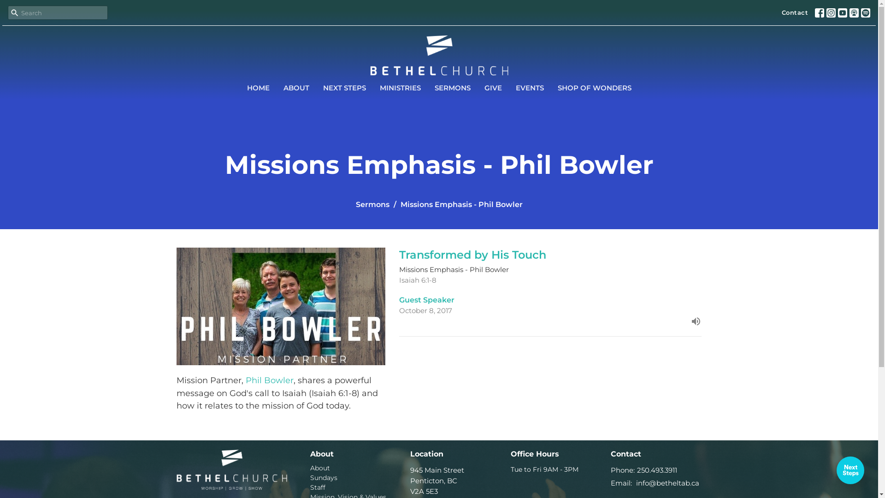 This screenshot has height=498, width=885. What do you see at coordinates (400, 88) in the screenshot?
I see `'MINISTRIES'` at bounding box center [400, 88].